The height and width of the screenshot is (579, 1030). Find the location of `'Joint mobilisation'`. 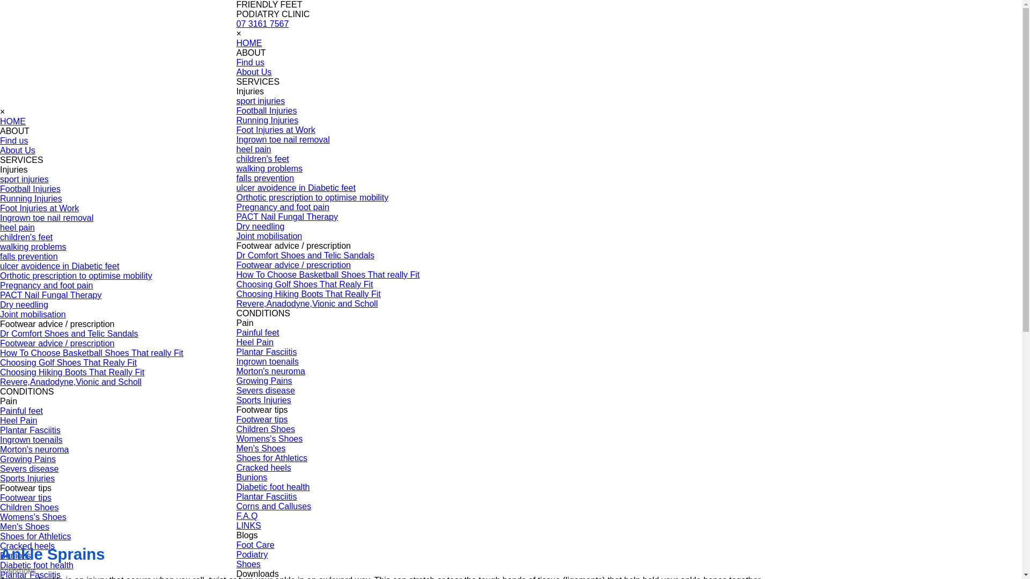

'Joint mobilisation' is located at coordinates (33, 314).